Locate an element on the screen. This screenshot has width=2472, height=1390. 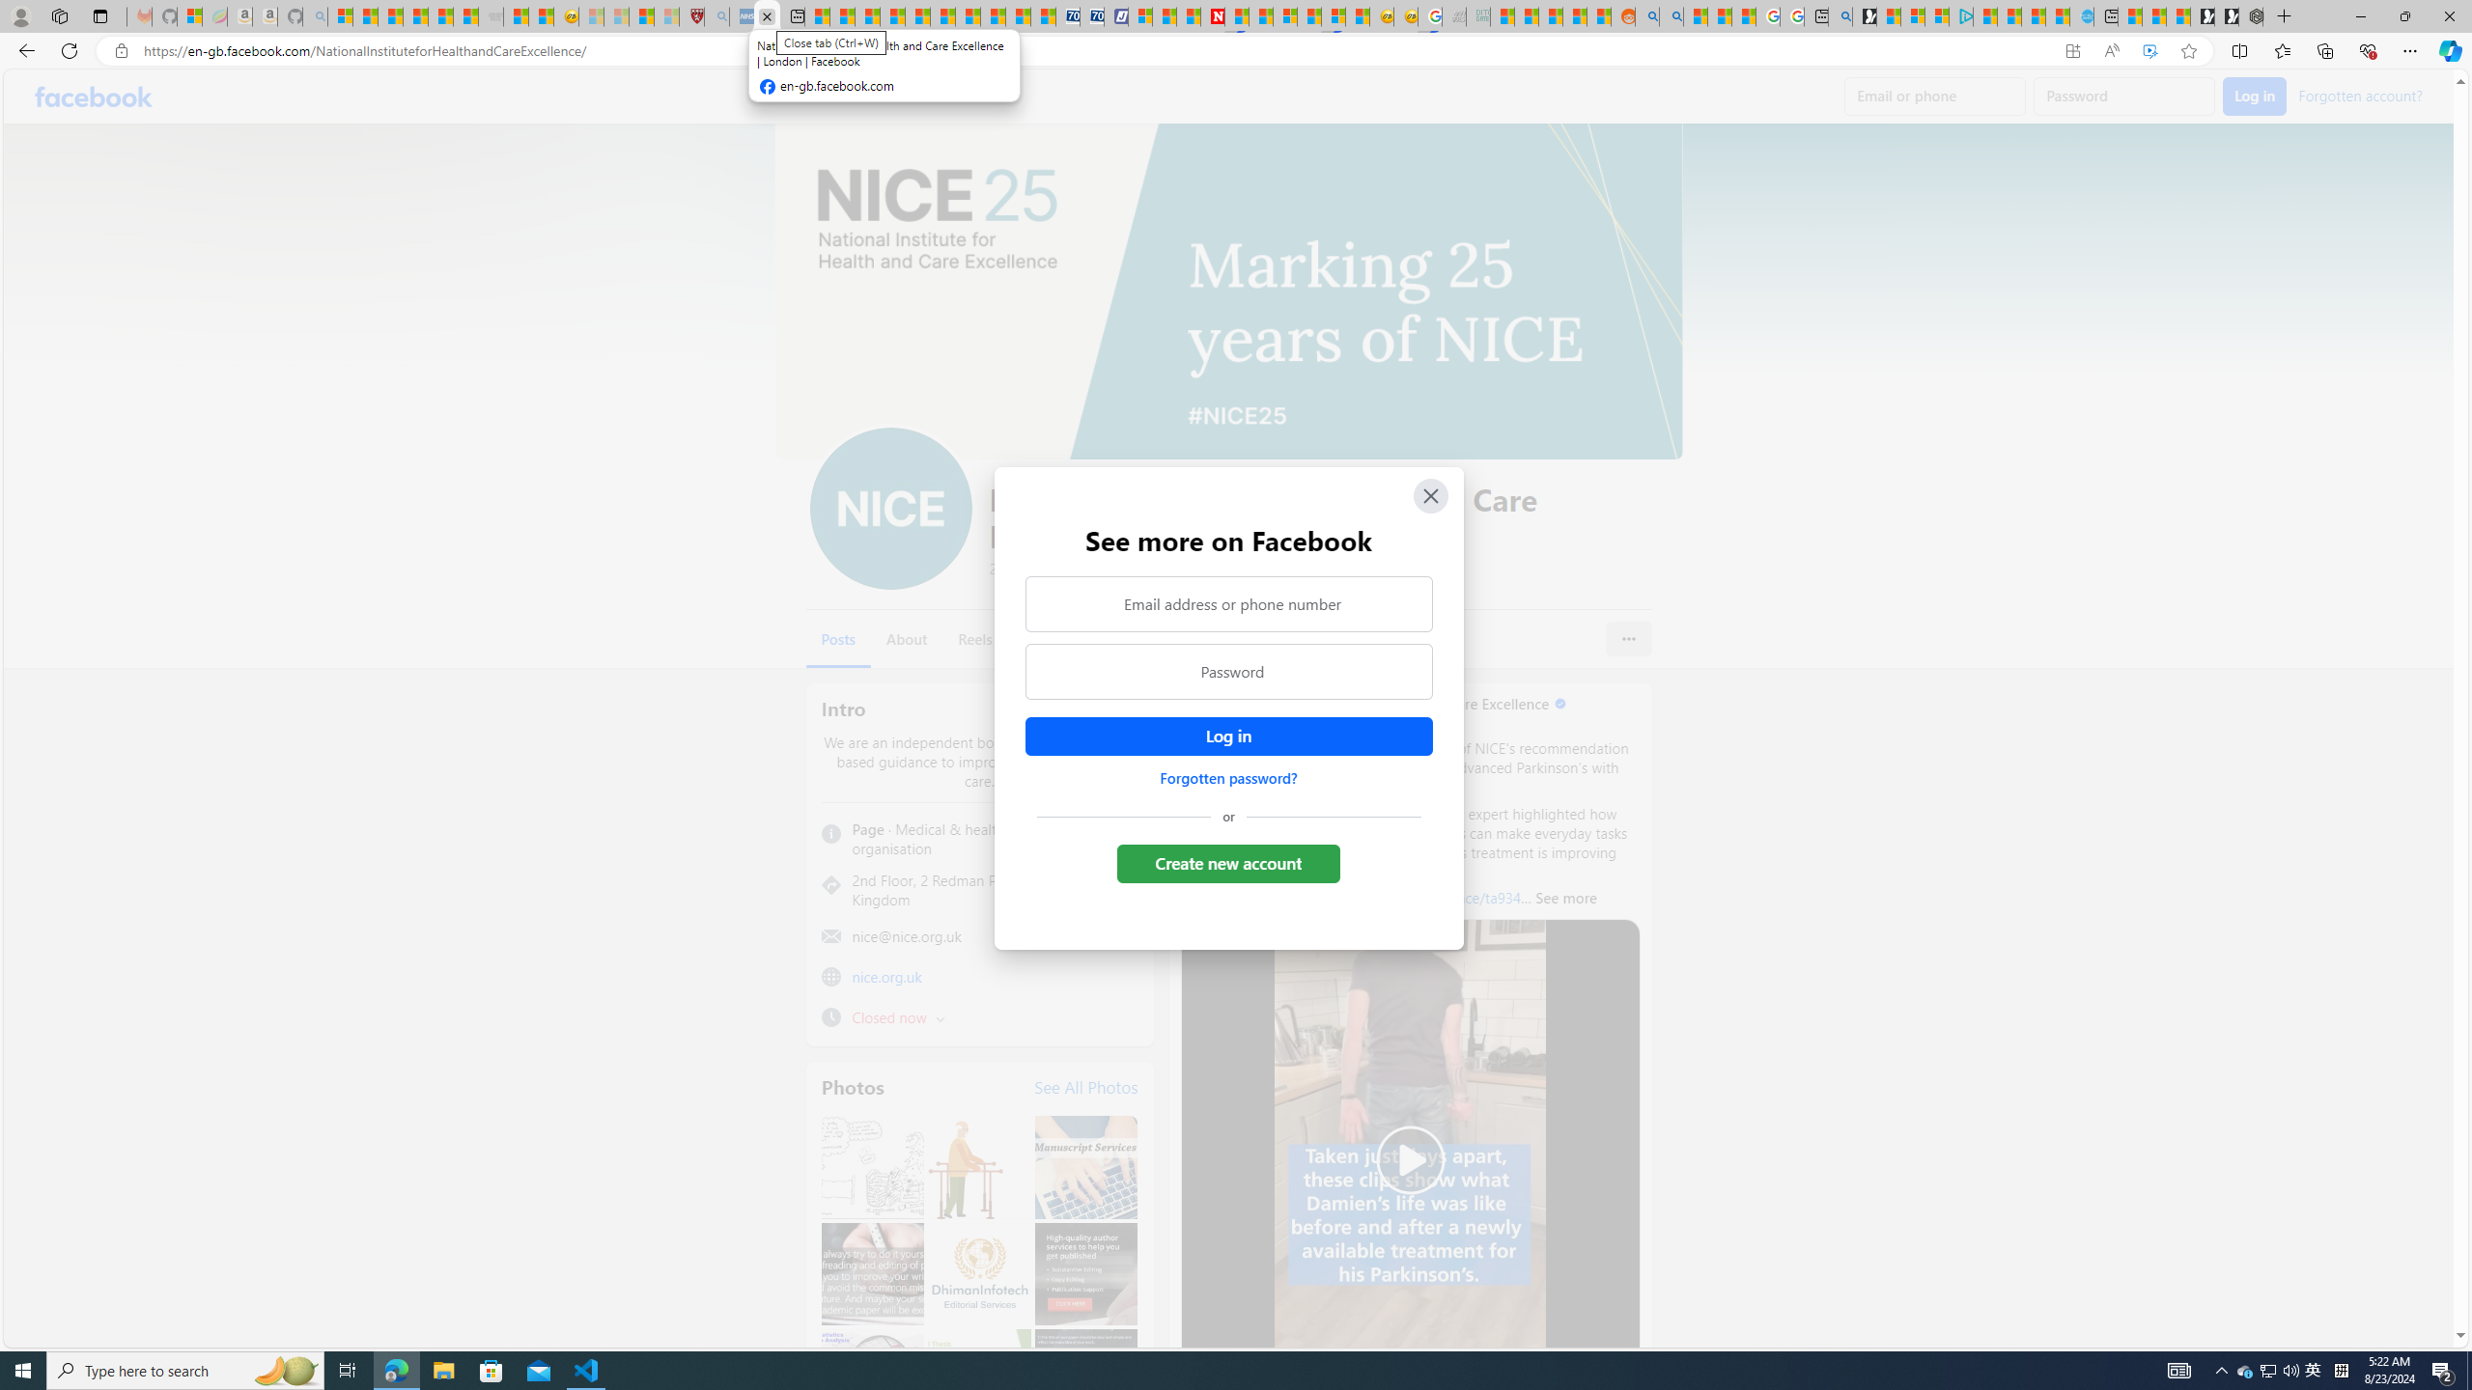
'Password' is located at coordinates (1227, 672).